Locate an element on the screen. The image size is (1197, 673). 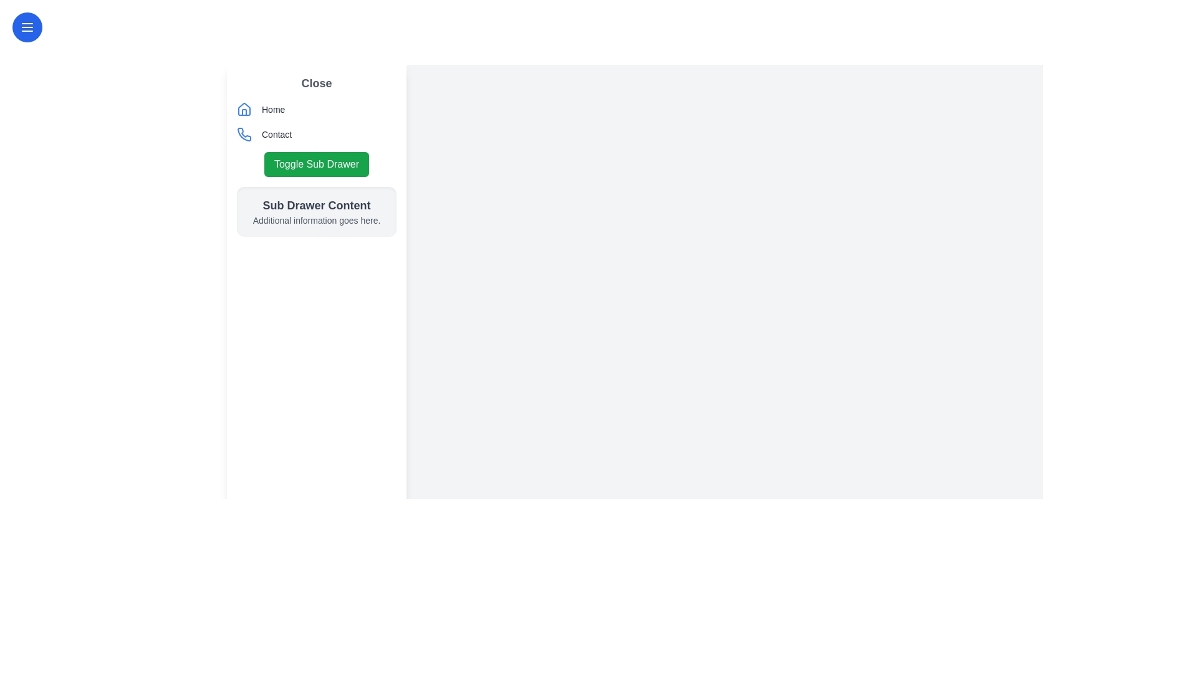
the non-interactive text label located at the top of the panel is located at coordinates (317, 84).